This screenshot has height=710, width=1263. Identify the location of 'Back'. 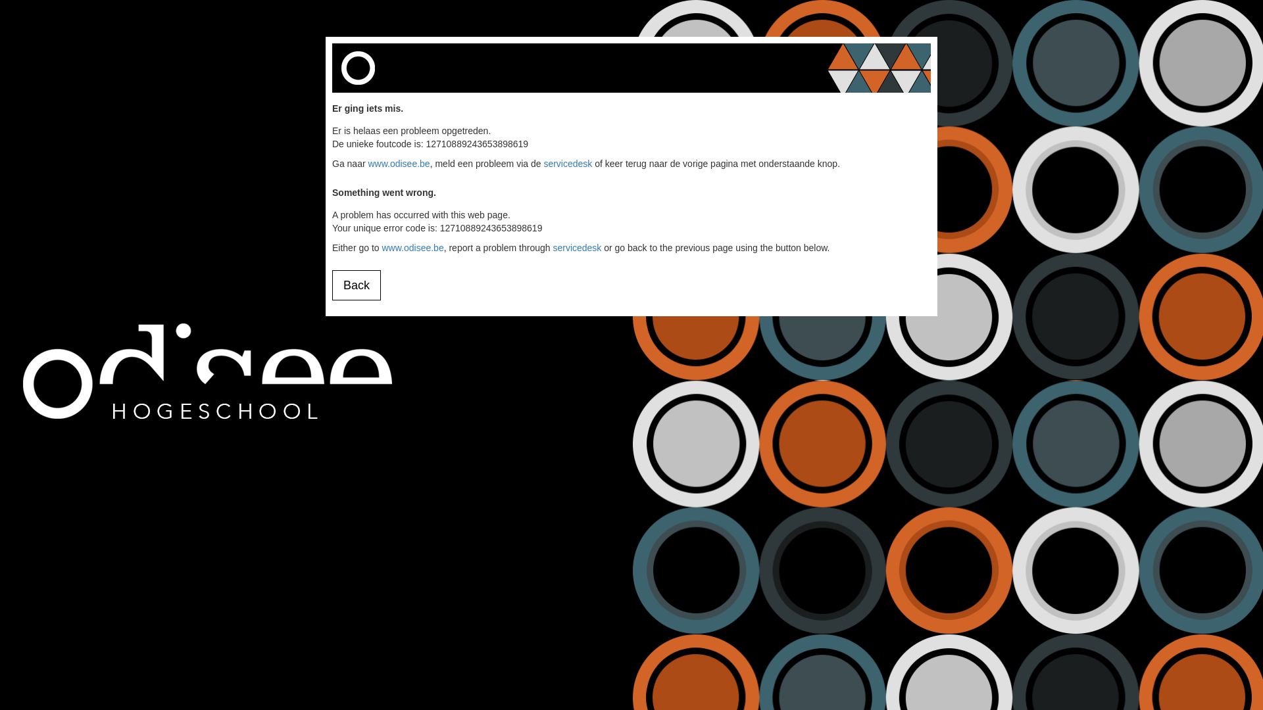
(332, 285).